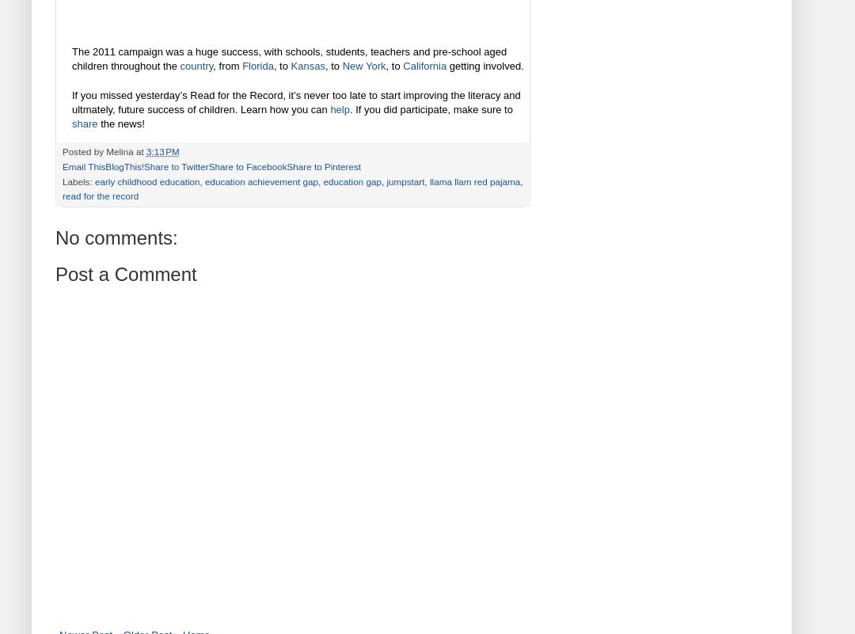 The image size is (855, 634). I want to click on 'country', so click(195, 66).